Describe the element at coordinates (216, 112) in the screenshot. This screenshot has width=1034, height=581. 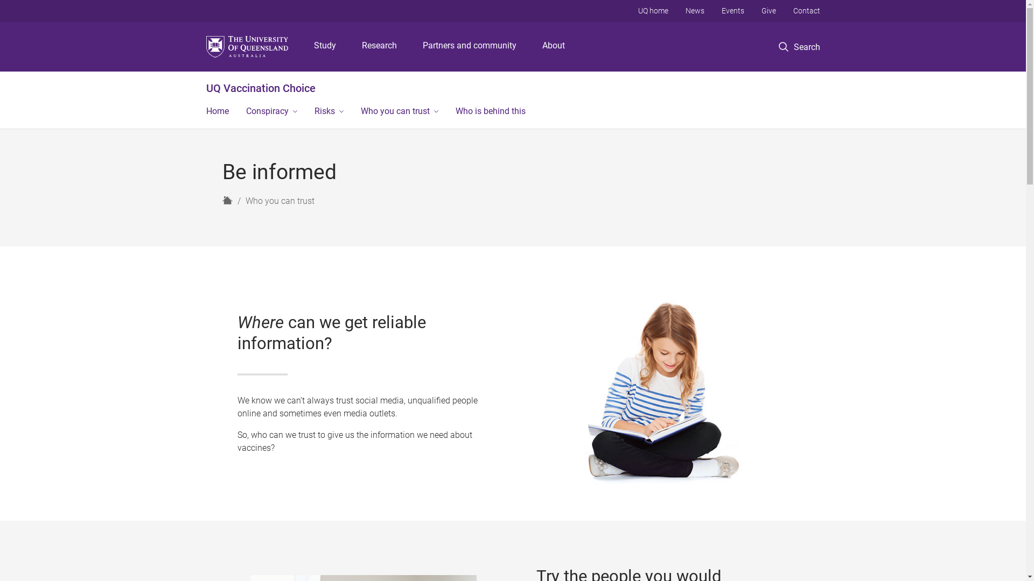
I see `'Home'` at that location.